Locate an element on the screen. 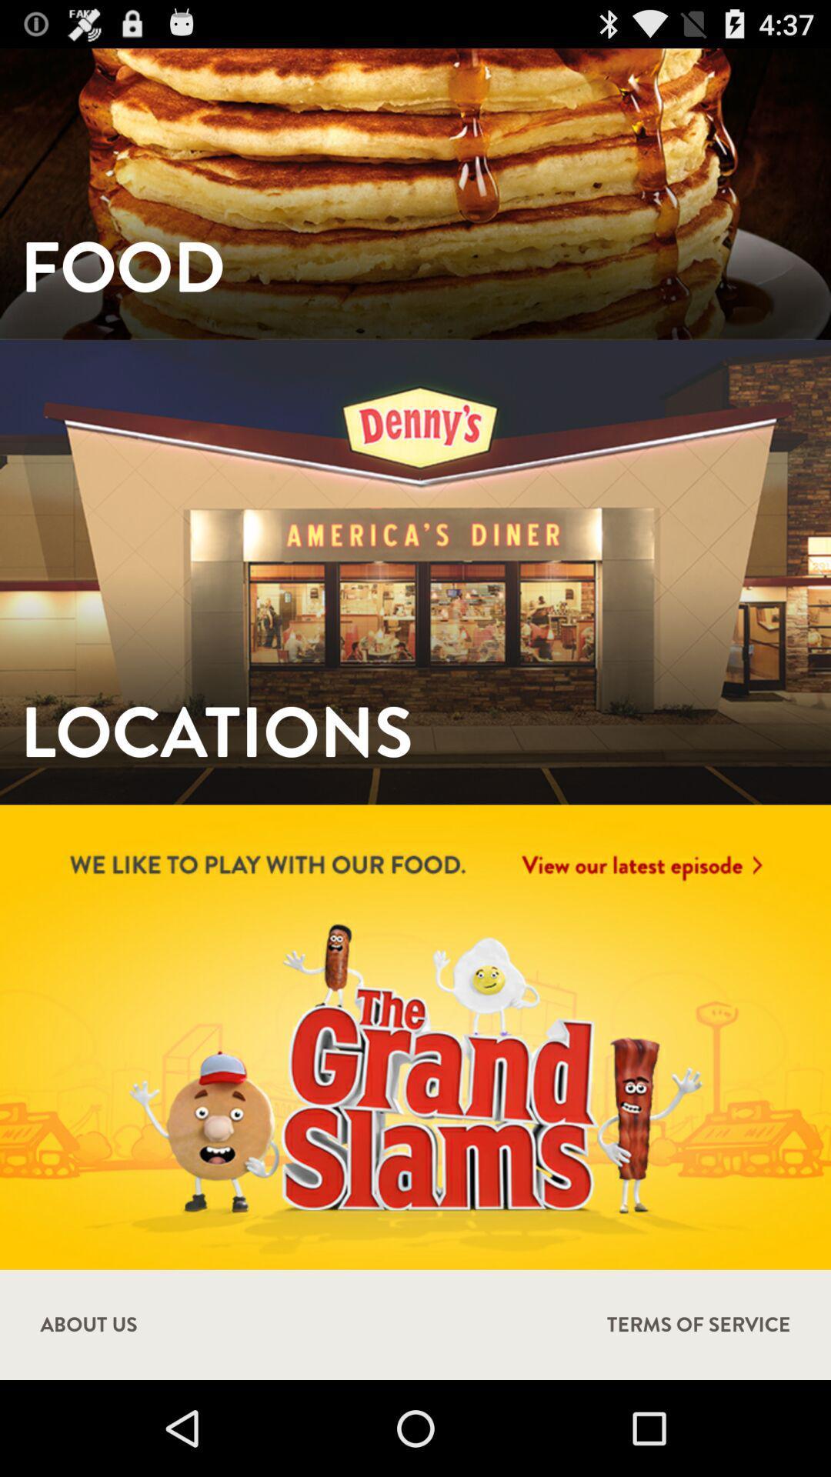  the about us at the bottom left corner is located at coordinates (88, 1324).